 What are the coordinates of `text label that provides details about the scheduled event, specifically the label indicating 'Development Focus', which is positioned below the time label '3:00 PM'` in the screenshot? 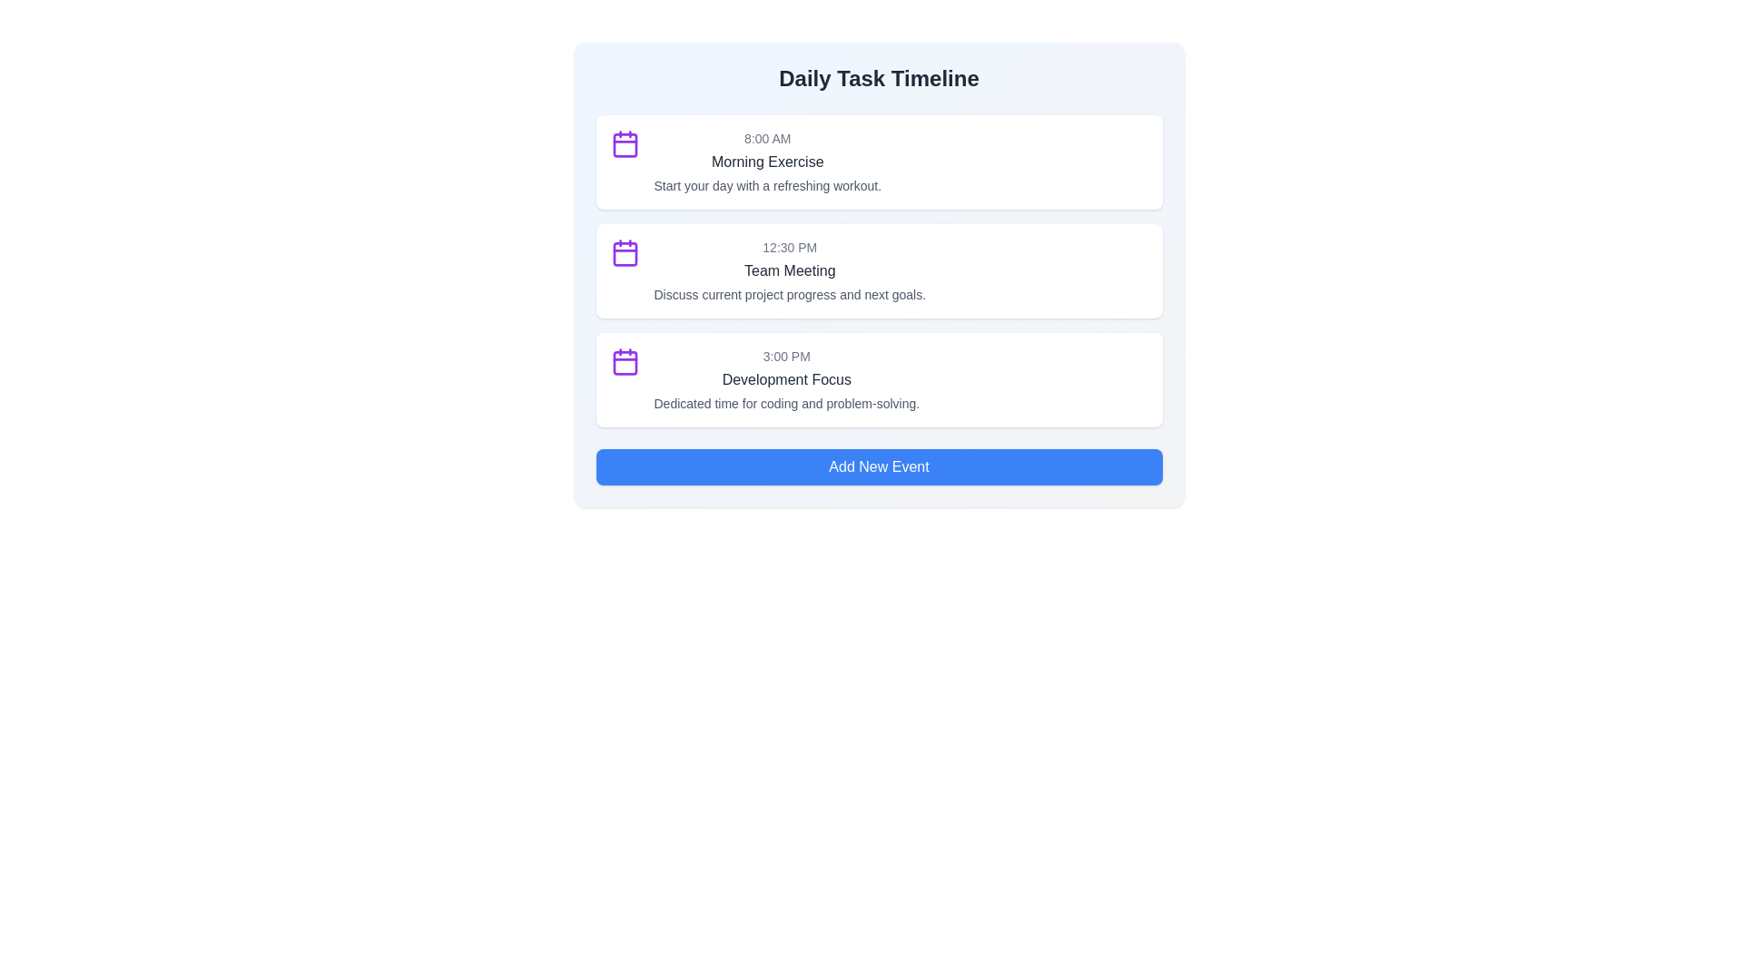 It's located at (786, 402).